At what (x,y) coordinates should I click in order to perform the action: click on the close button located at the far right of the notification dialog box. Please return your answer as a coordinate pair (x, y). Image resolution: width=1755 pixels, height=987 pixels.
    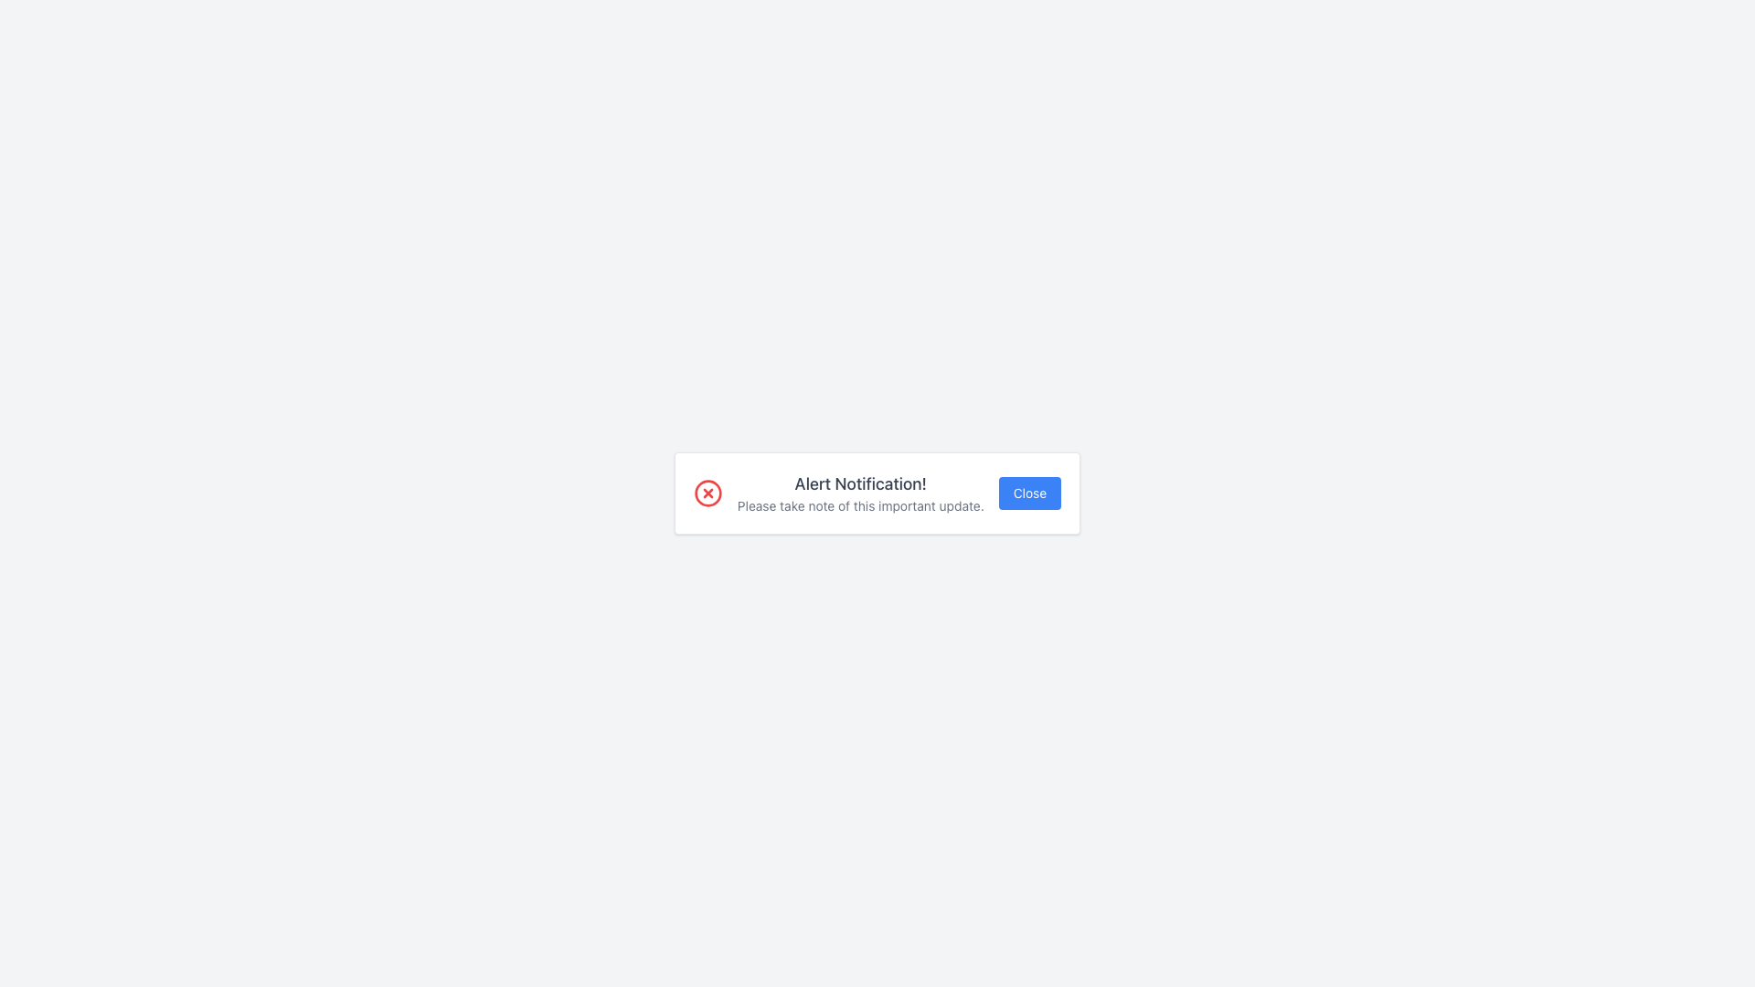
    Looking at the image, I should click on (1030, 493).